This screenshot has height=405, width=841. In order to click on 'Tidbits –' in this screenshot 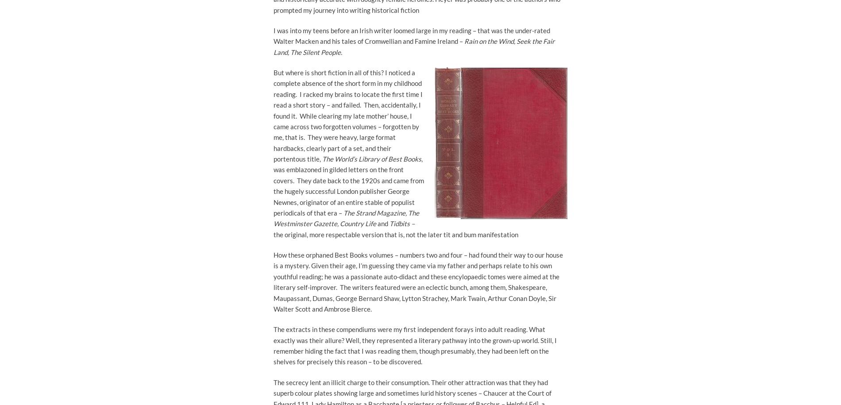, I will do `click(401, 223)`.